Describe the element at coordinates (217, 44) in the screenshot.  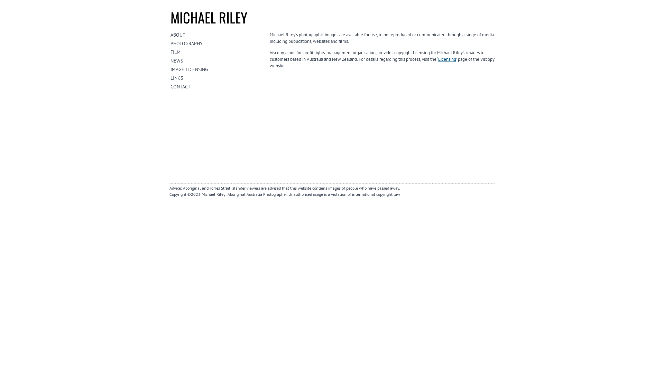
I see `'PHOTOGRAPHY'` at that location.